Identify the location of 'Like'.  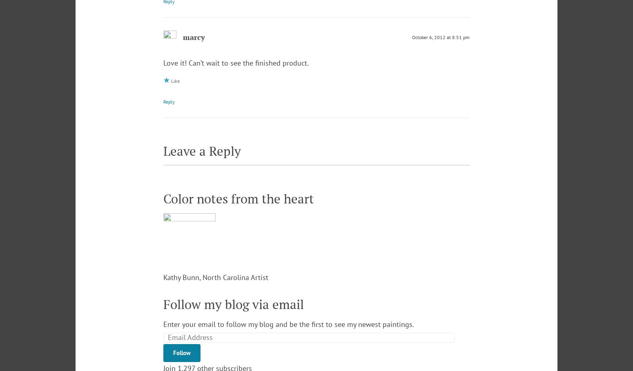
(175, 80).